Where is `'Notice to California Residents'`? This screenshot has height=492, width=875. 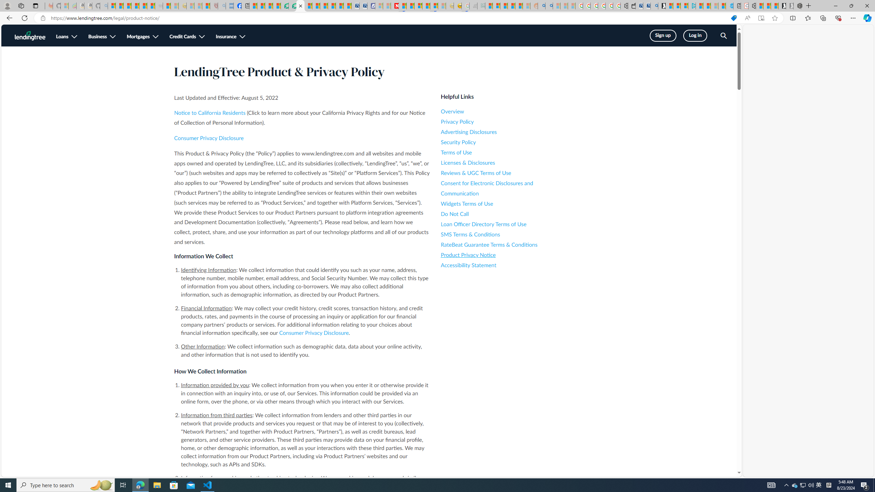 'Notice to California Residents' is located at coordinates (210, 113).